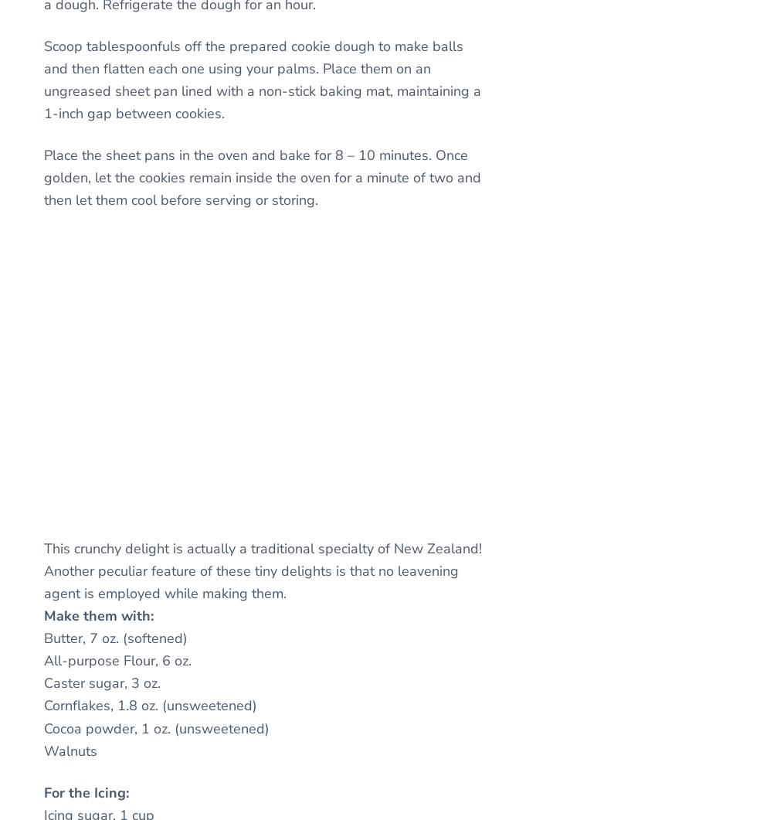 The height and width of the screenshot is (820, 760). I want to click on 'Walnuts', so click(42, 750).